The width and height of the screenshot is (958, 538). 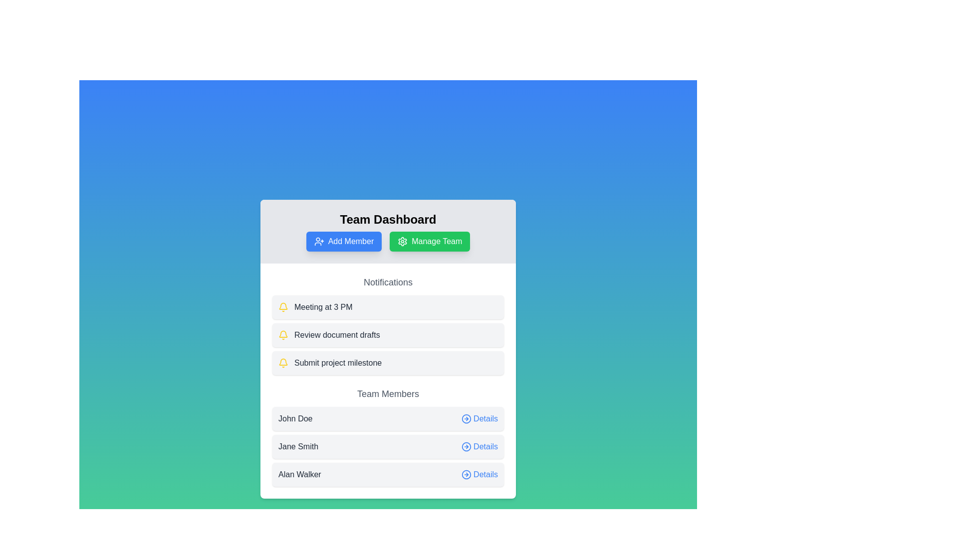 What do you see at coordinates (466, 474) in the screenshot?
I see `the inner SVG circle component that stylizes the 'Details' button for the last team member, Alan Walker` at bounding box center [466, 474].